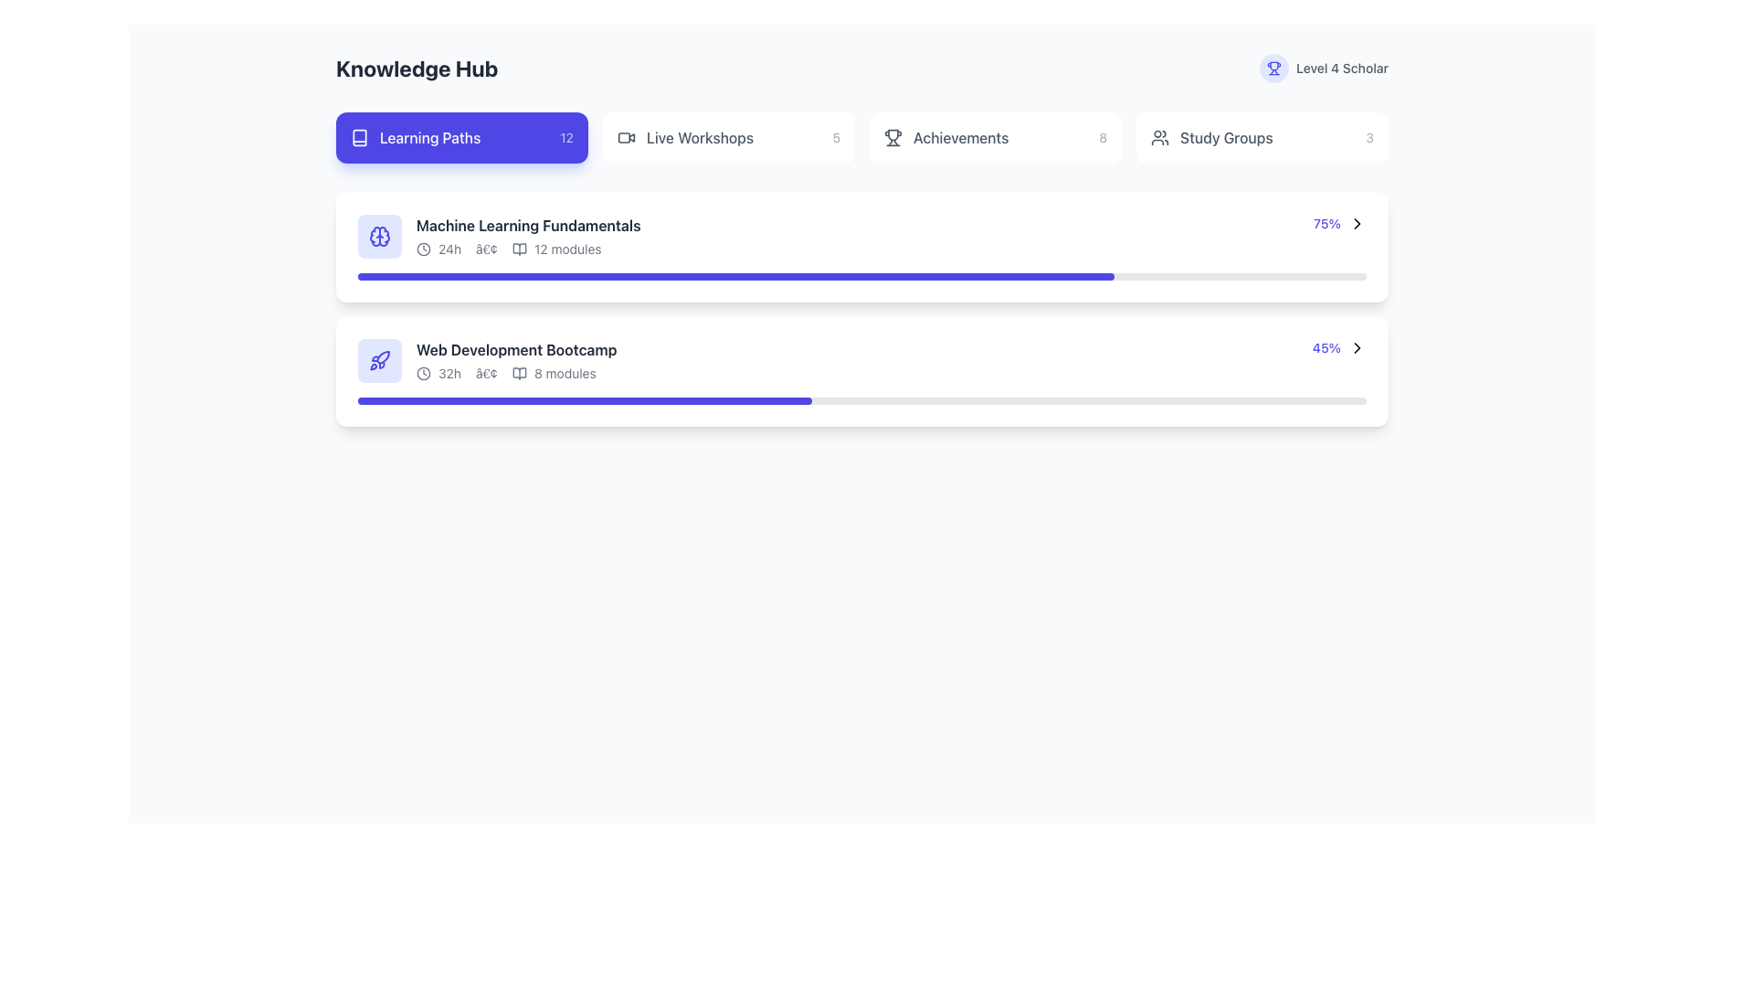 Image resolution: width=1754 pixels, height=987 pixels. What do you see at coordinates (861, 400) in the screenshot?
I see `the progress bar located under the 'Web Development Bootcamp' entry, which is styled with a gray background and a partially filled dark blue section, positioned at the bottom of the second card in the list` at bounding box center [861, 400].